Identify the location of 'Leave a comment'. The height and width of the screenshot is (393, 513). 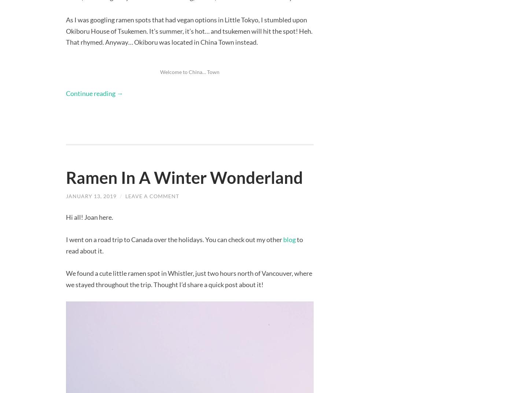
(152, 195).